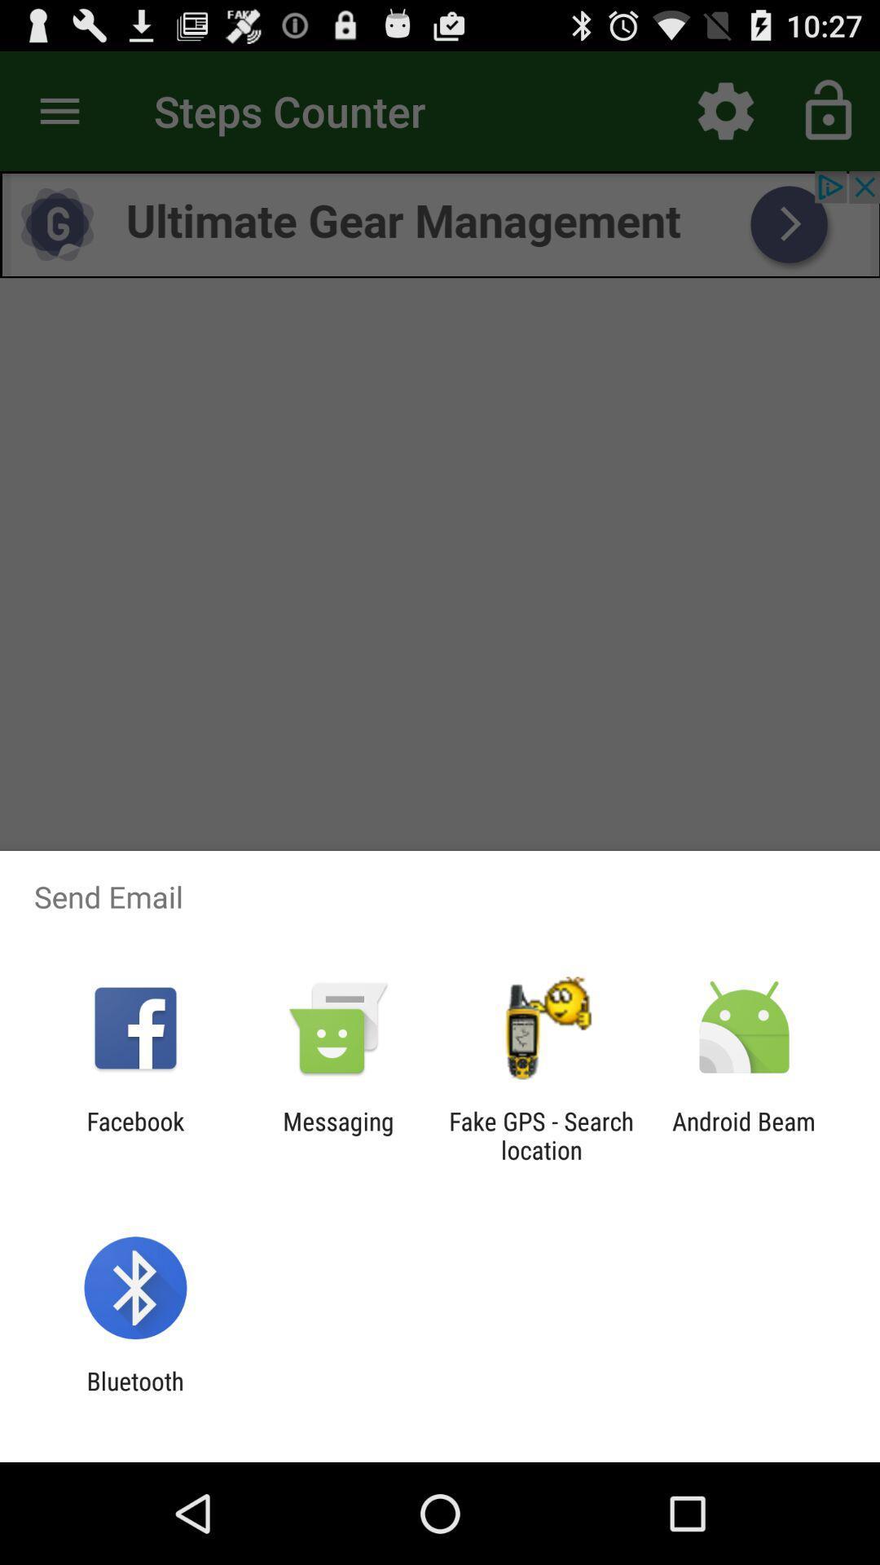 The image size is (880, 1565). I want to click on icon to the left of fake gps search, so click(337, 1135).